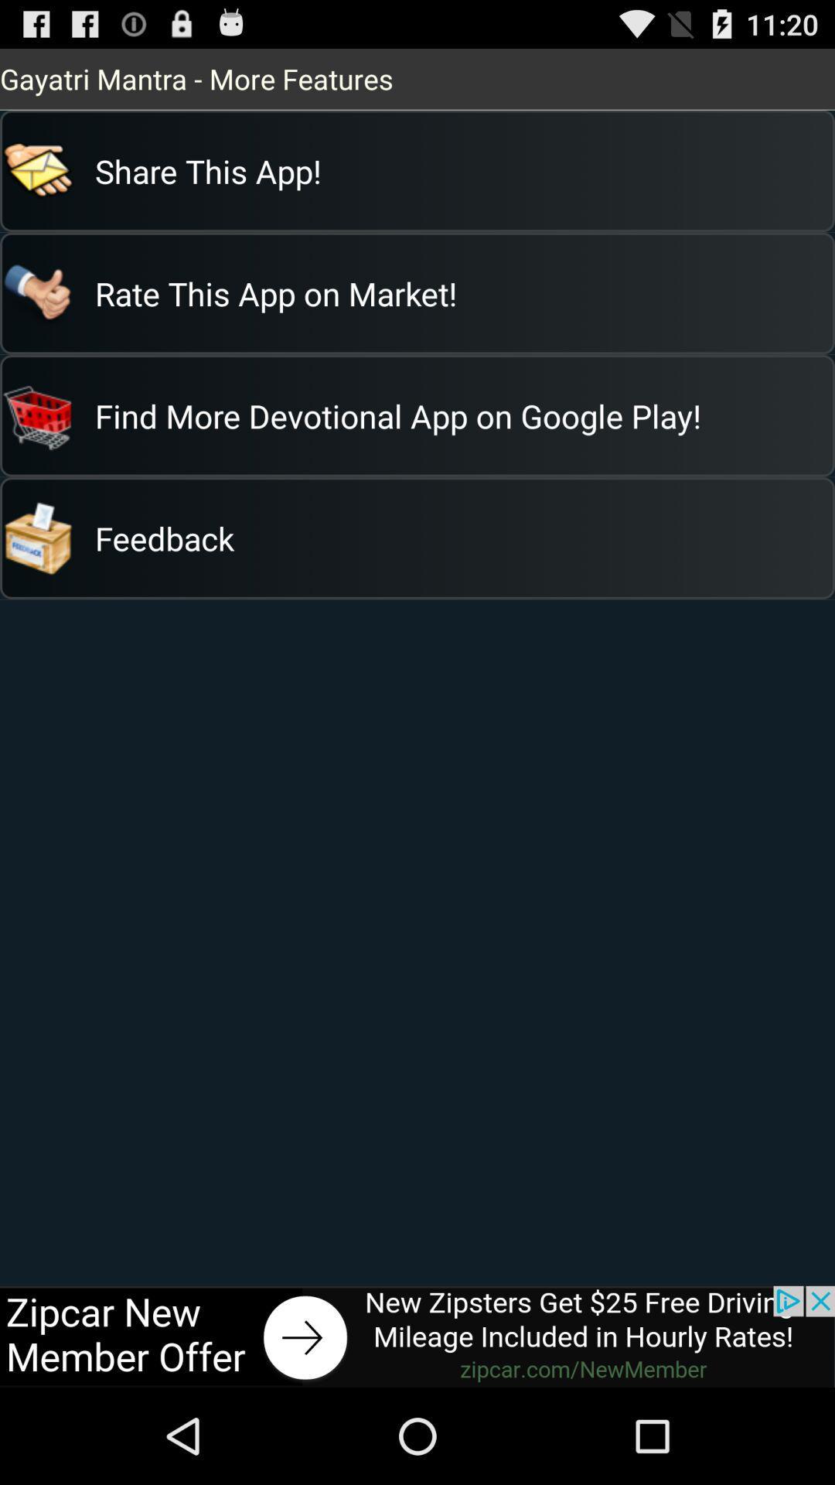 The width and height of the screenshot is (835, 1485). I want to click on open advertisement, so click(417, 1336).